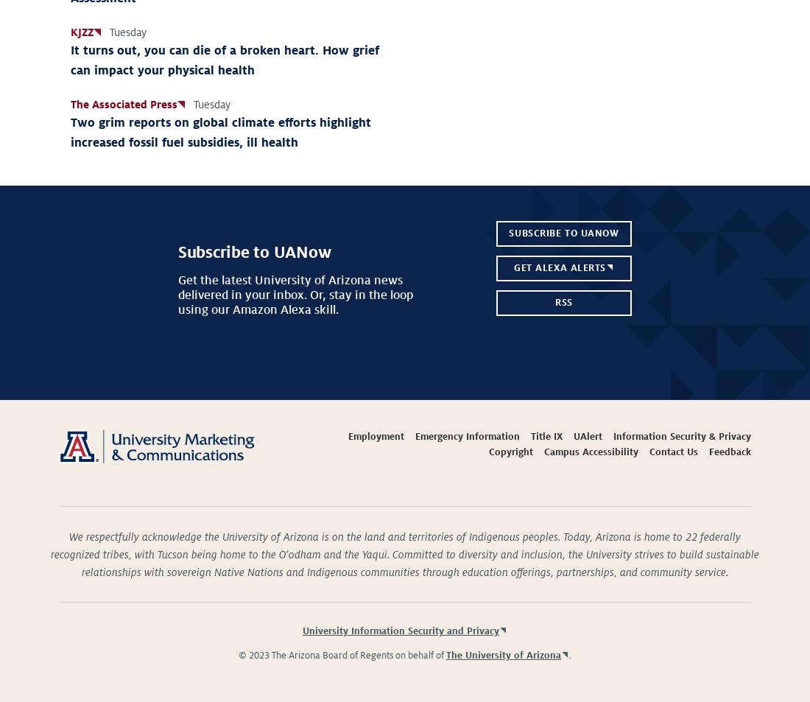  I want to click on 'We respectfully acknowledge the University of Arizona is on the land and territories of Indigenous peoples. Today, Arizona is home to 22 federally recognized tribes, with Tucson being home to the O’odham and the Yaqui. Committed to diversity and inclusion, the University strives to build sustainable relationships with sovereign Native Nations and Indigenous communities through education offerings, partnerships, and community service.', so click(405, 554).